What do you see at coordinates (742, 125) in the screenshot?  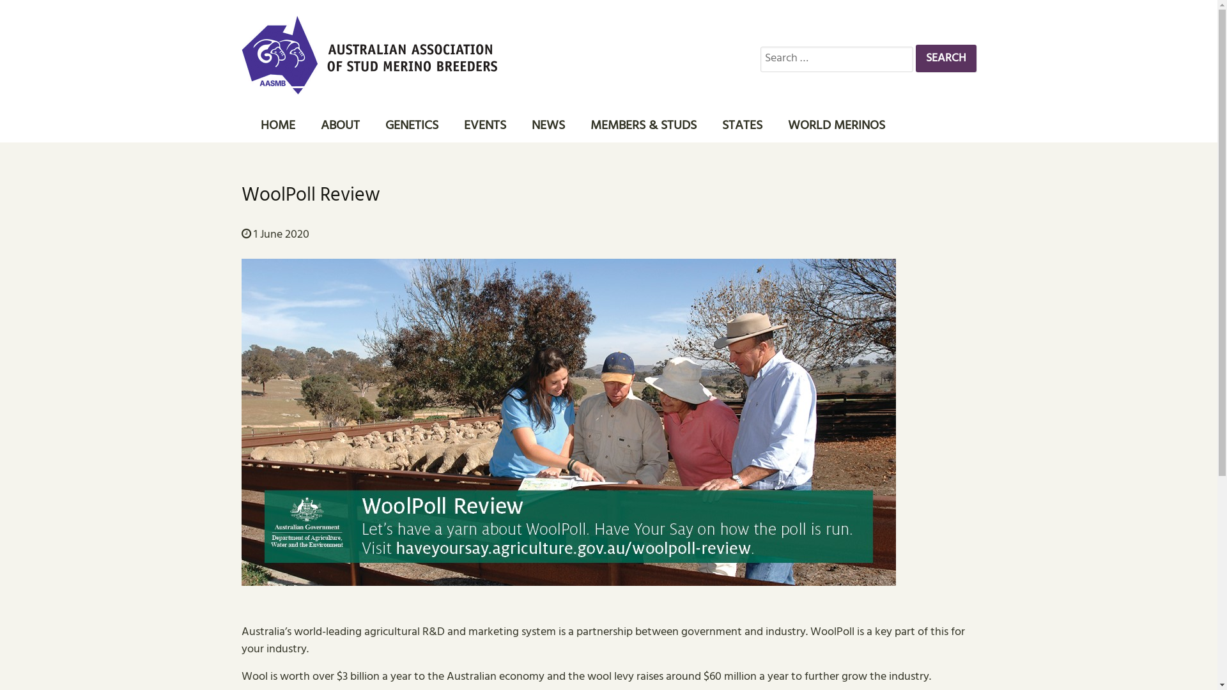 I see `'STATES'` at bounding box center [742, 125].